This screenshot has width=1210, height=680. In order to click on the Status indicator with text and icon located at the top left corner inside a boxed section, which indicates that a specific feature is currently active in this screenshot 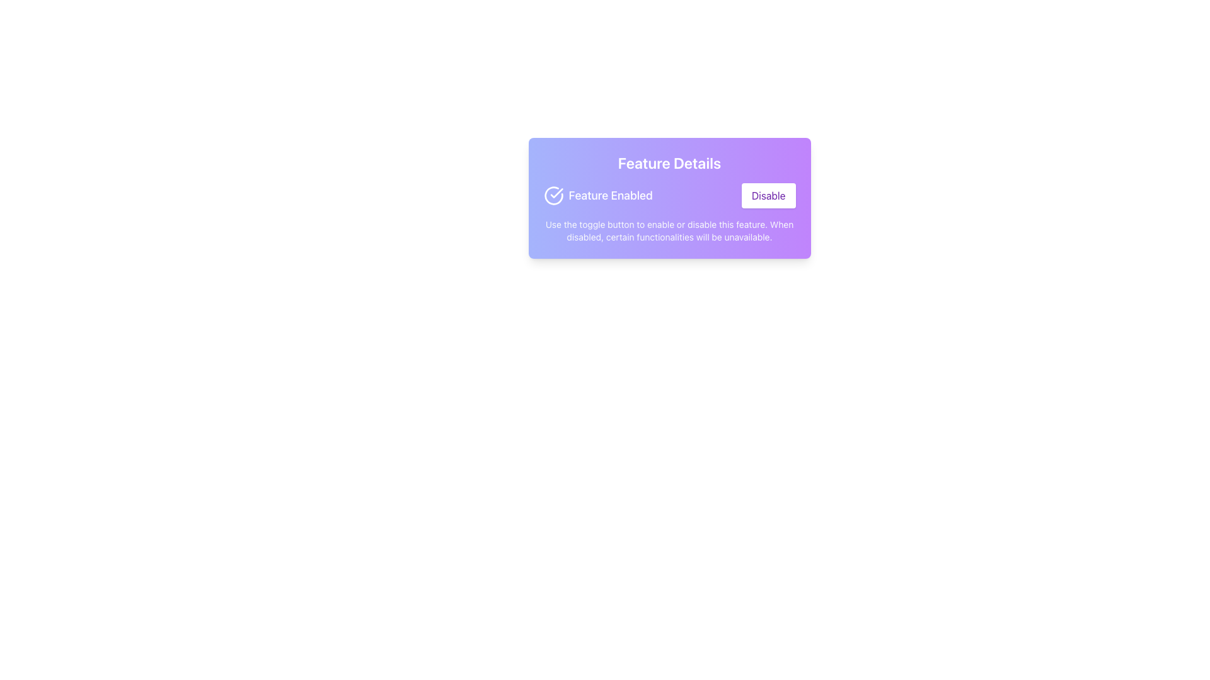, I will do `click(597, 196)`.